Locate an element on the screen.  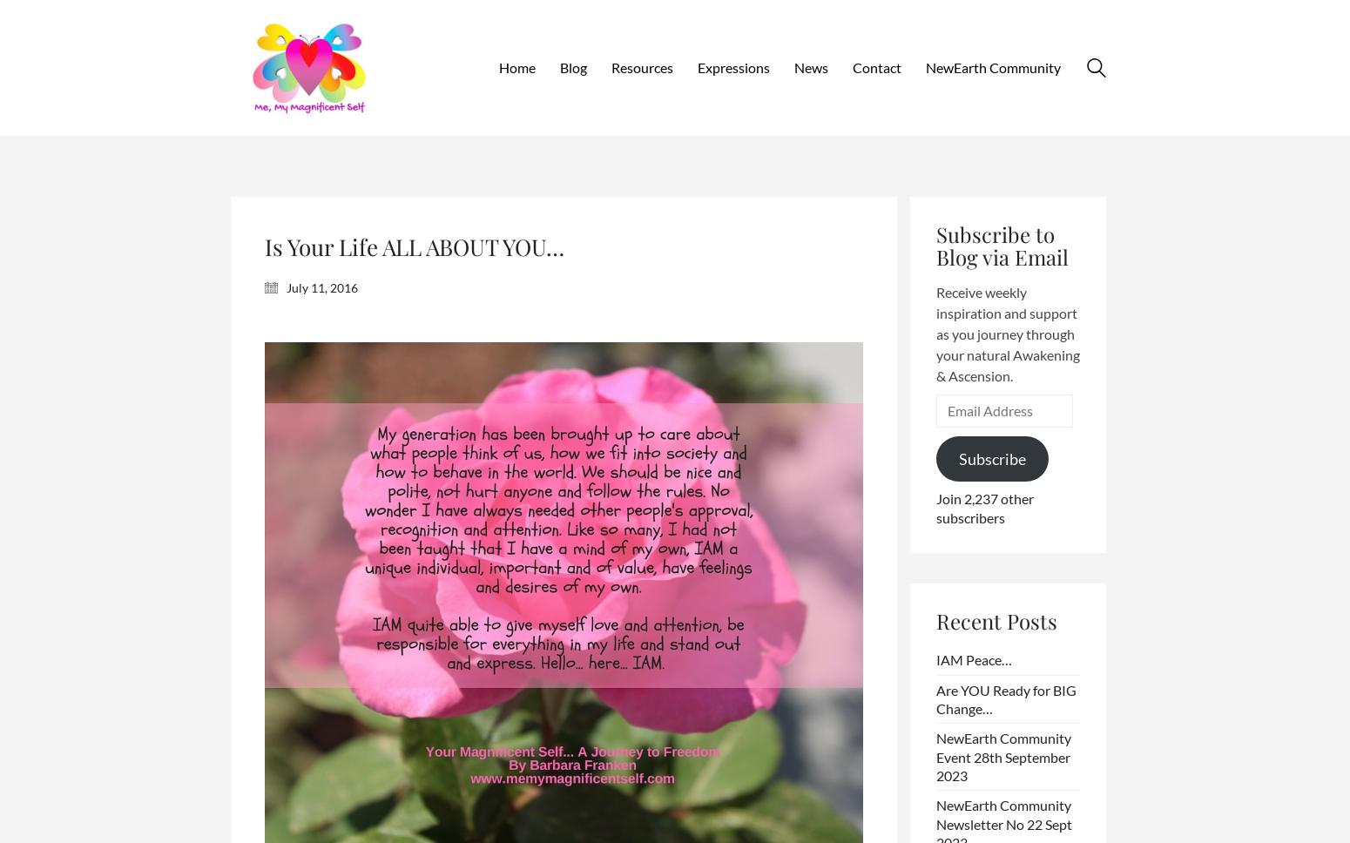
'r' is located at coordinates (957, 65).